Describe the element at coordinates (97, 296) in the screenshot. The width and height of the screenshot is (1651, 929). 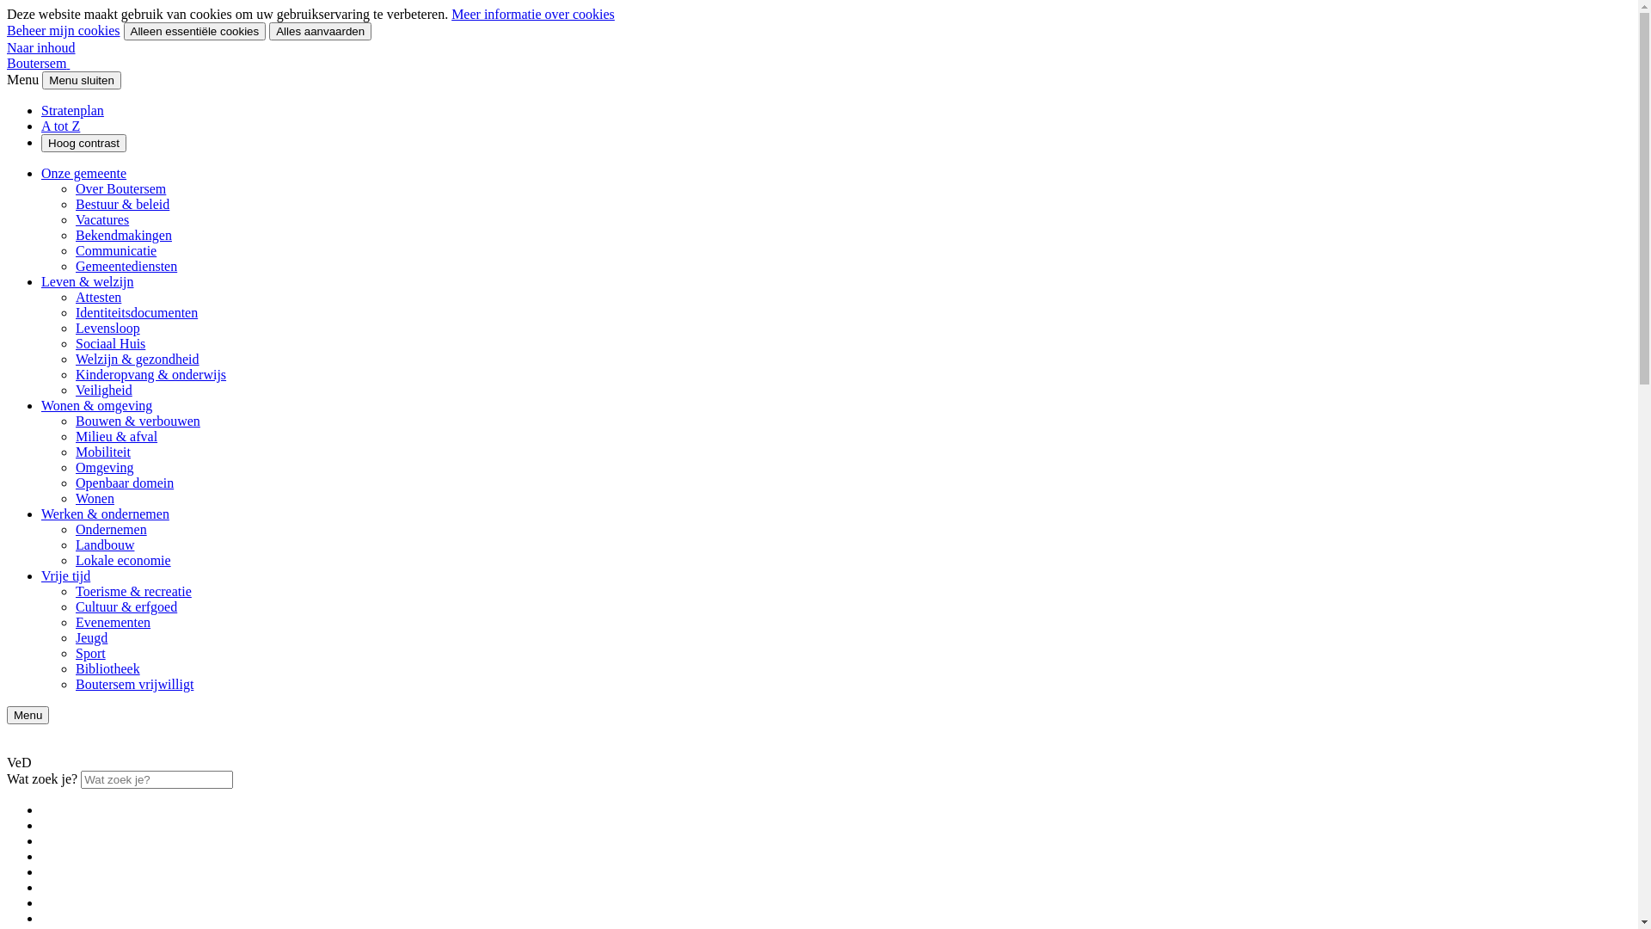
I see `'Attesten'` at that location.